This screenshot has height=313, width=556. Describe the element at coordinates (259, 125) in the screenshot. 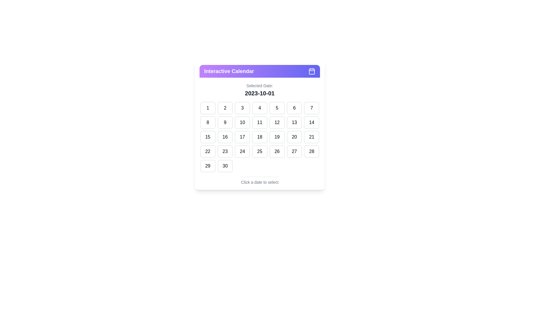

I see `a date in the grid of the Interactive Calendar component` at that location.